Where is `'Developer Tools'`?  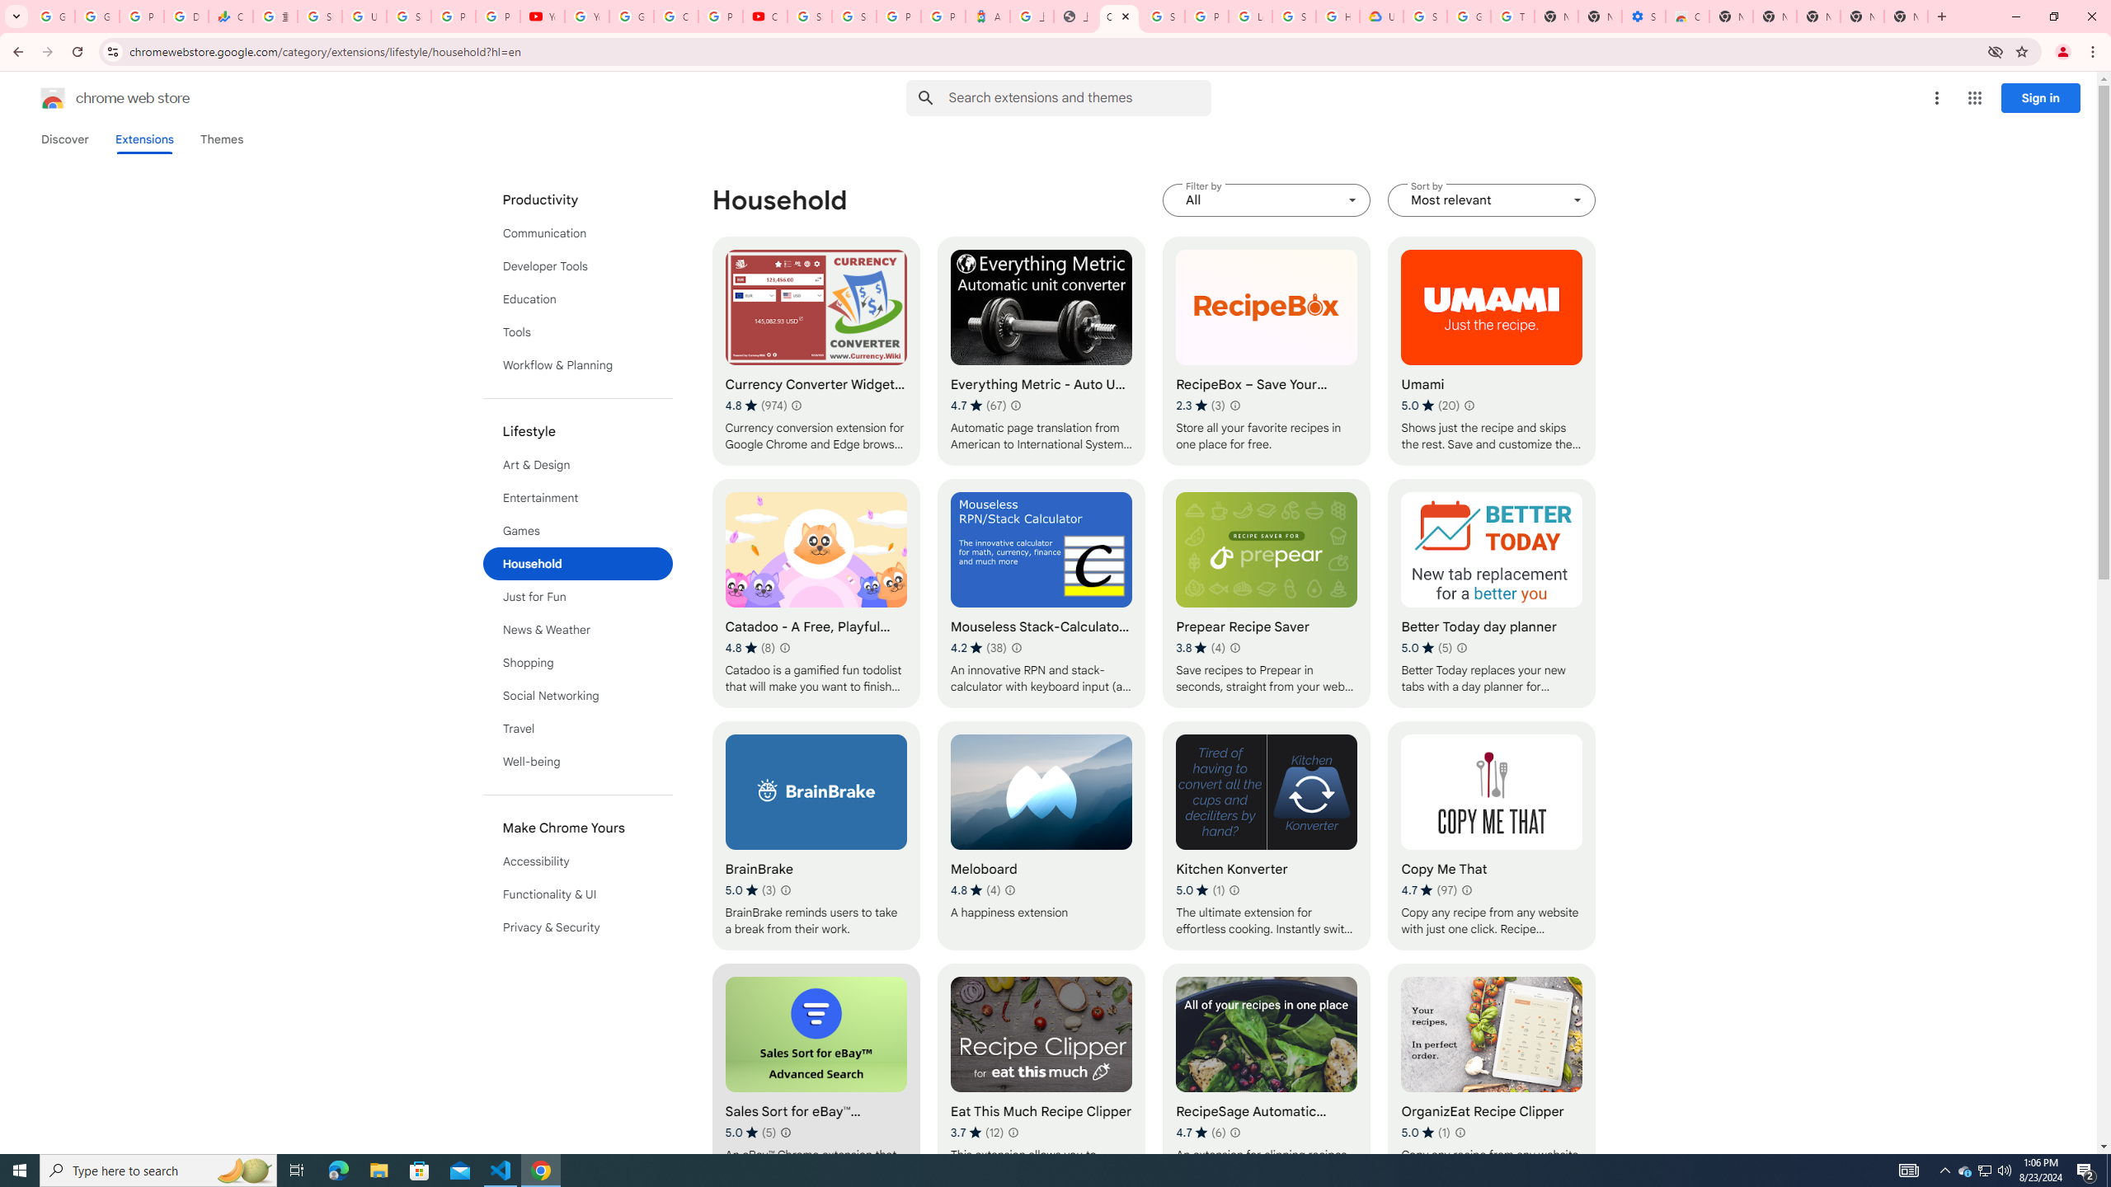
'Developer Tools' is located at coordinates (578, 265).